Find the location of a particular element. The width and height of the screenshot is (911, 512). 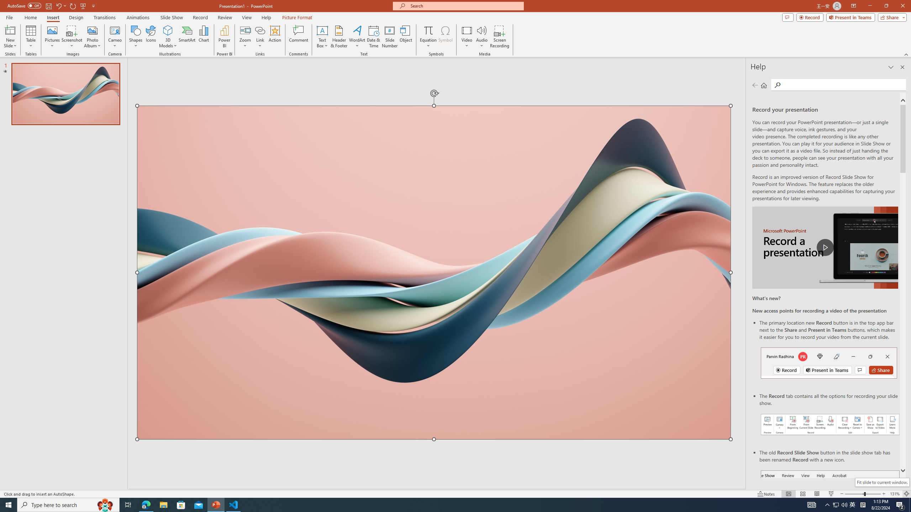

'play Record a Presentation' is located at coordinates (825, 247).